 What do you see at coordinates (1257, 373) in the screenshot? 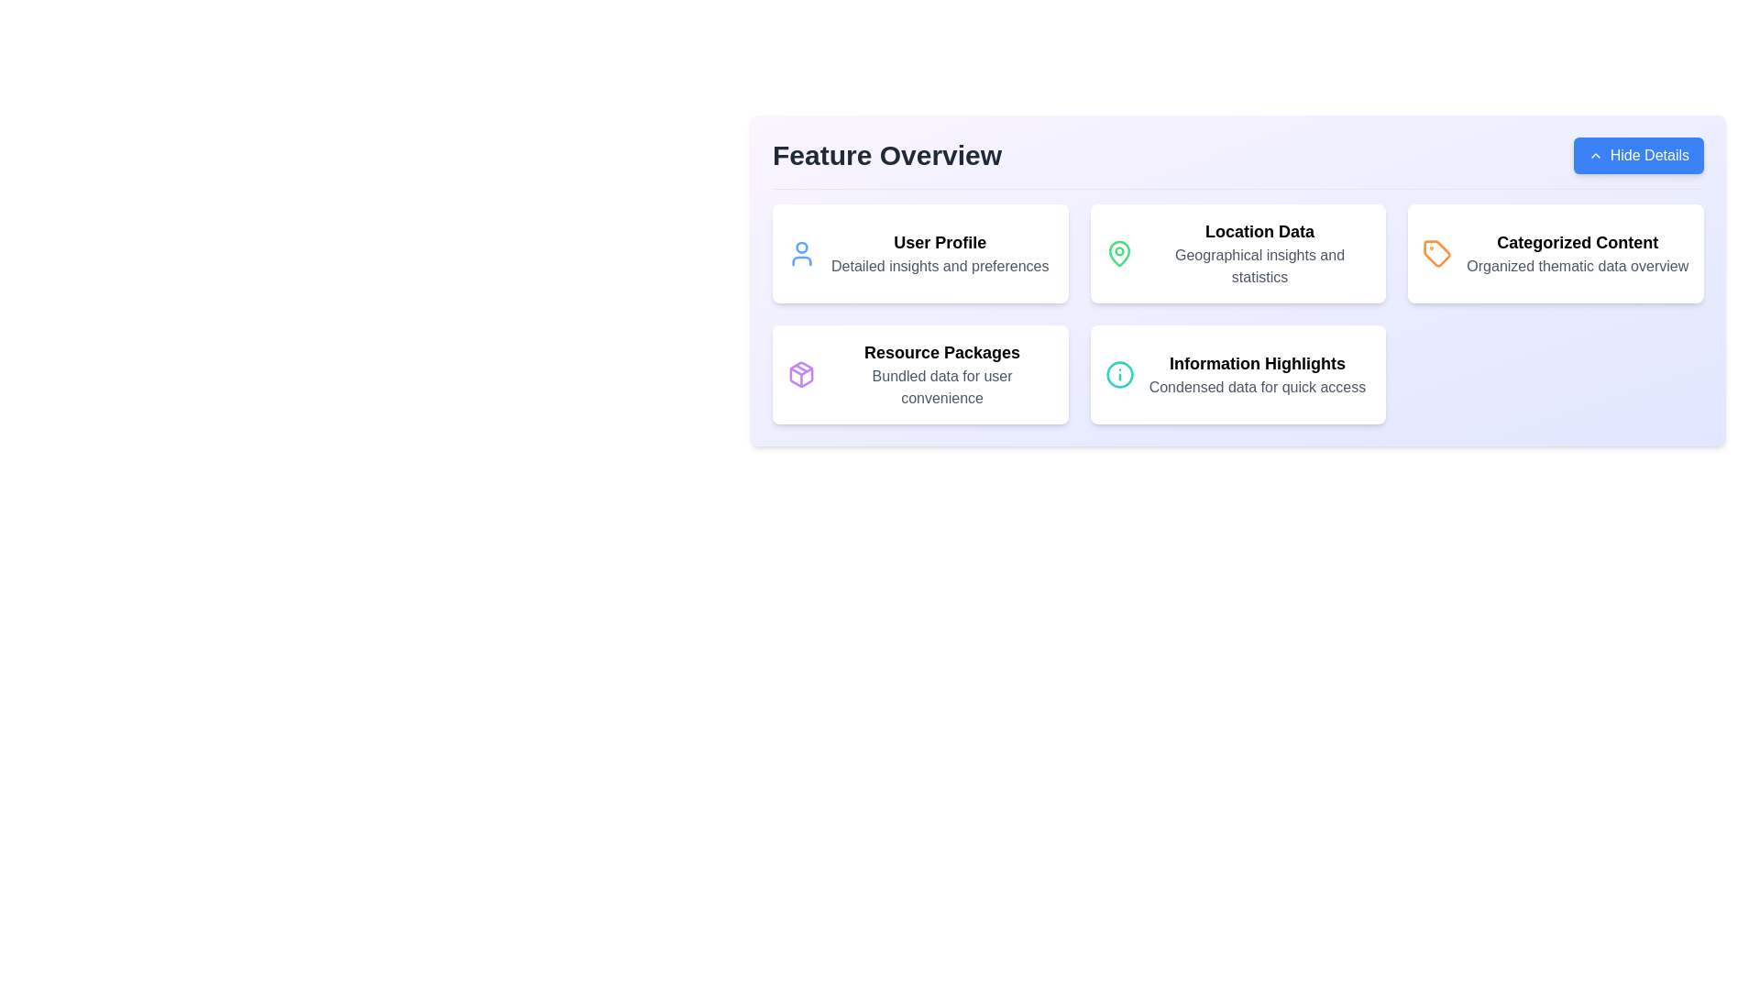
I see `the 'Information Highlights' text block located in the bottom-right corner of the grid under 'Feature Overview', which contains a bold title and a subdued description` at bounding box center [1257, 373].